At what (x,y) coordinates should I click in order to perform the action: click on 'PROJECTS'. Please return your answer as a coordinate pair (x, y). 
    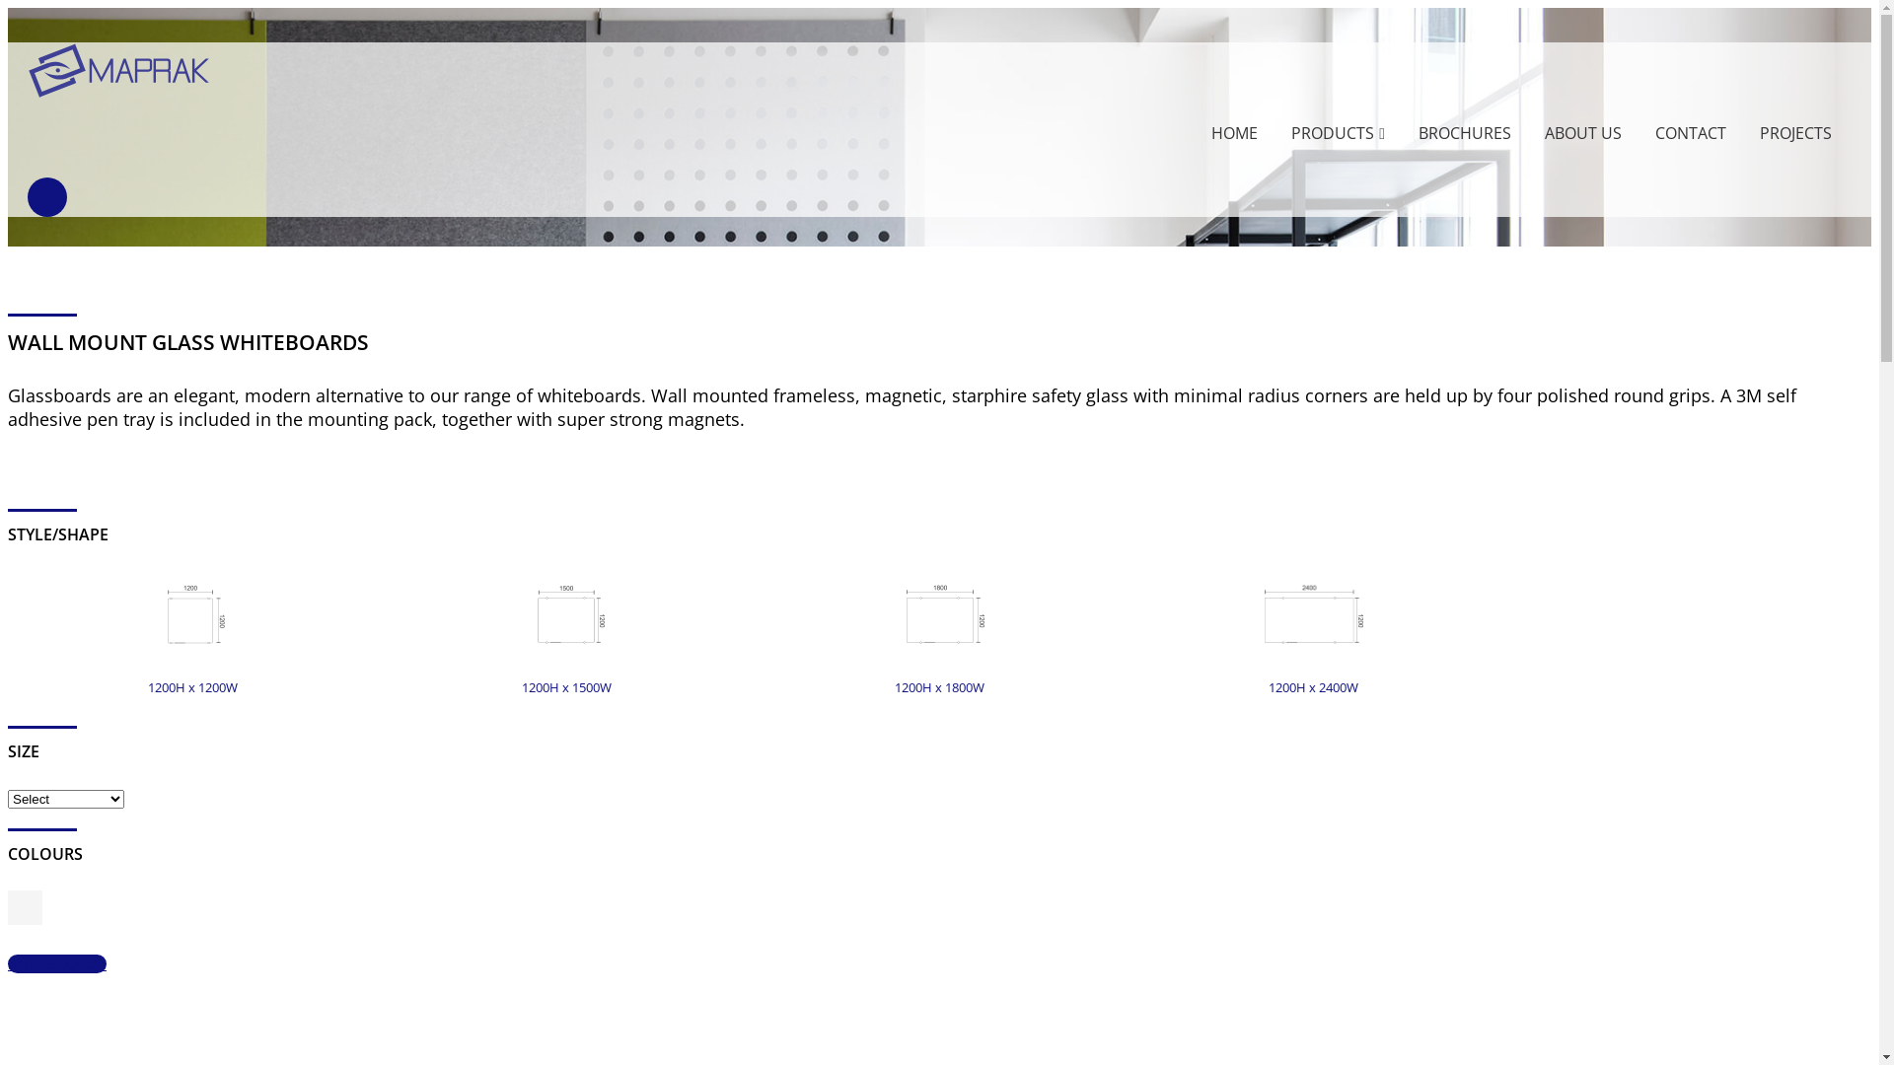
    Looking at the image, I should click on (1755, 133).